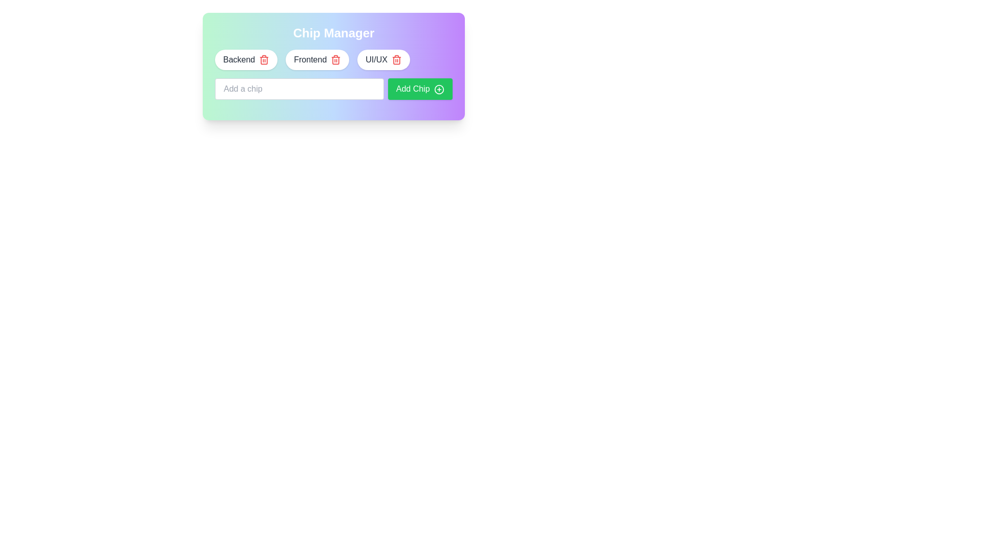  Describe the element at coordinates (264, 59) in the screenshot. I see `the delete icon button located at the right end of the 'Backend' chip` at that location.